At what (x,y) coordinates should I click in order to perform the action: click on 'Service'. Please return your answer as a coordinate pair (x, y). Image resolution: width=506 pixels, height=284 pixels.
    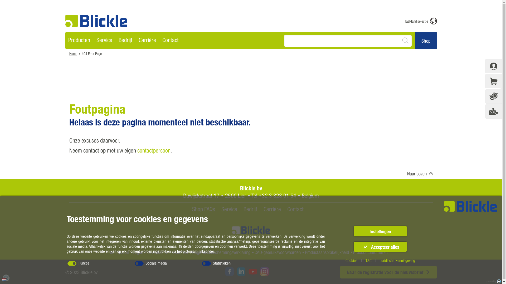
    Looking at the image, I should click on (104, 40).